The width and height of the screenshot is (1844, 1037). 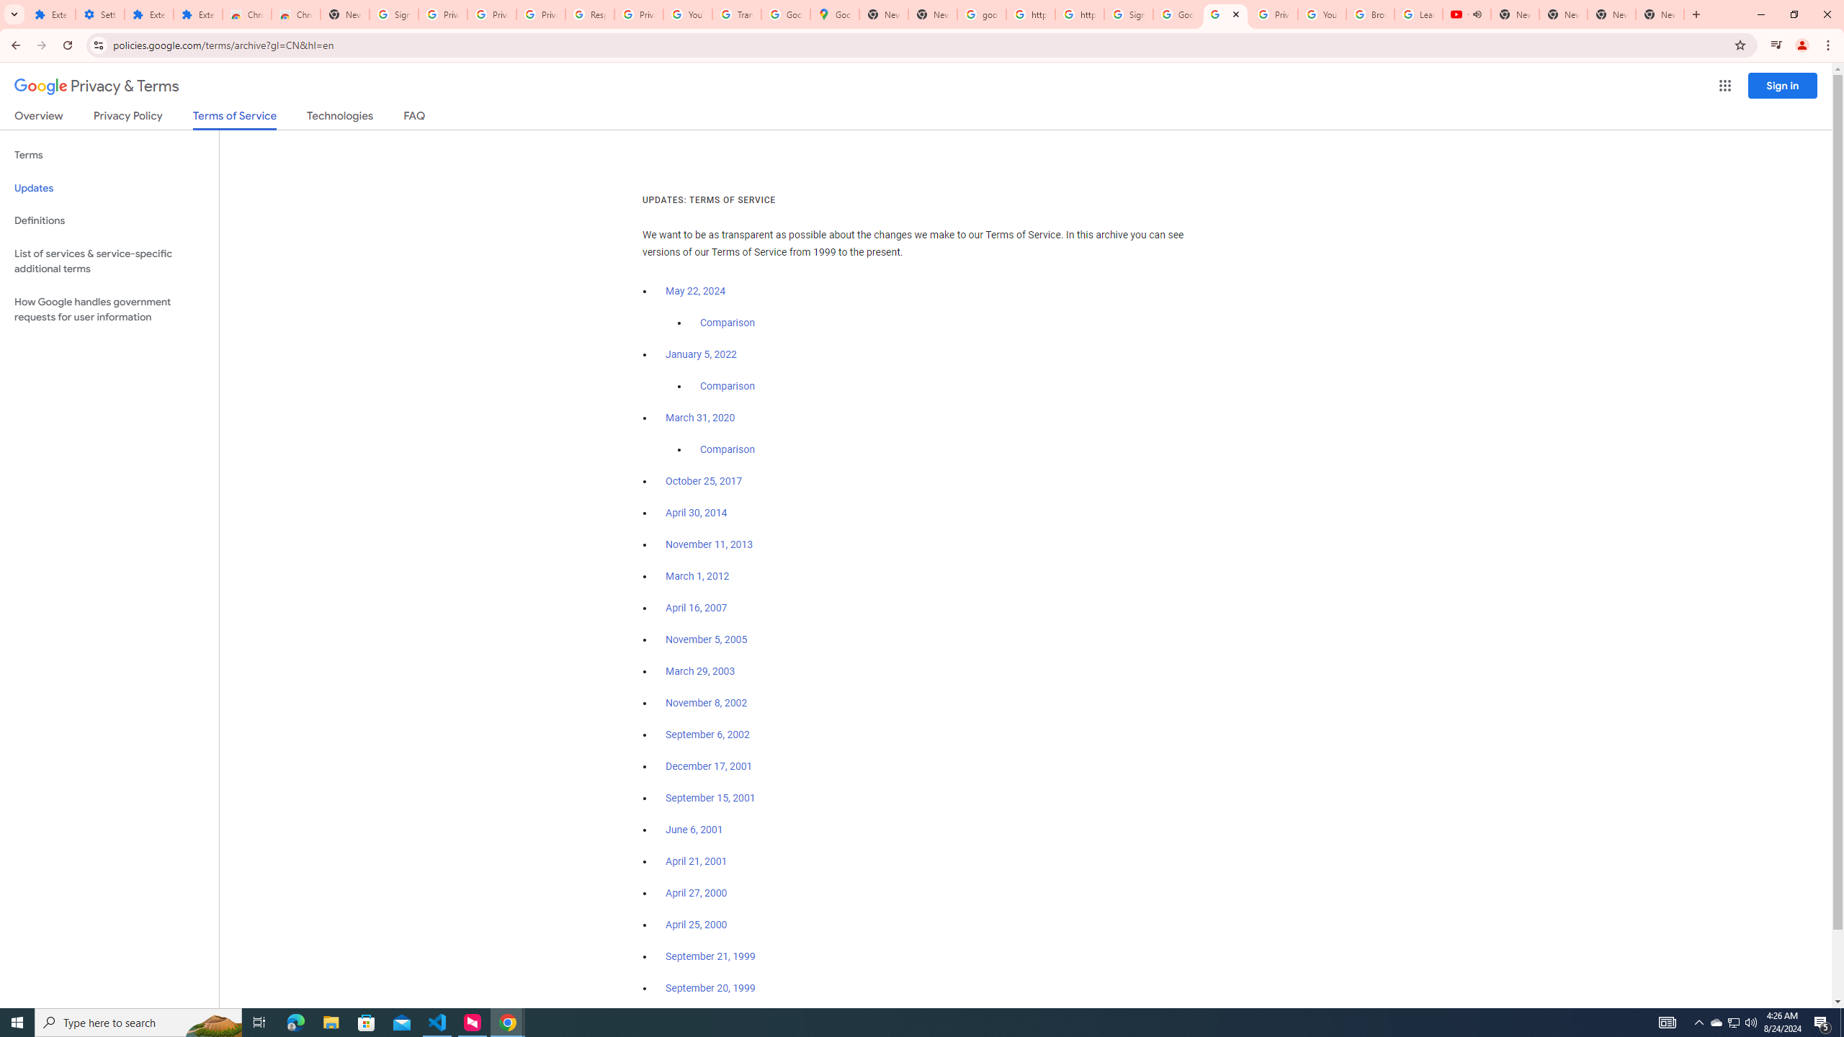 I want to click on 'Settings', so click(x=99, y=14).